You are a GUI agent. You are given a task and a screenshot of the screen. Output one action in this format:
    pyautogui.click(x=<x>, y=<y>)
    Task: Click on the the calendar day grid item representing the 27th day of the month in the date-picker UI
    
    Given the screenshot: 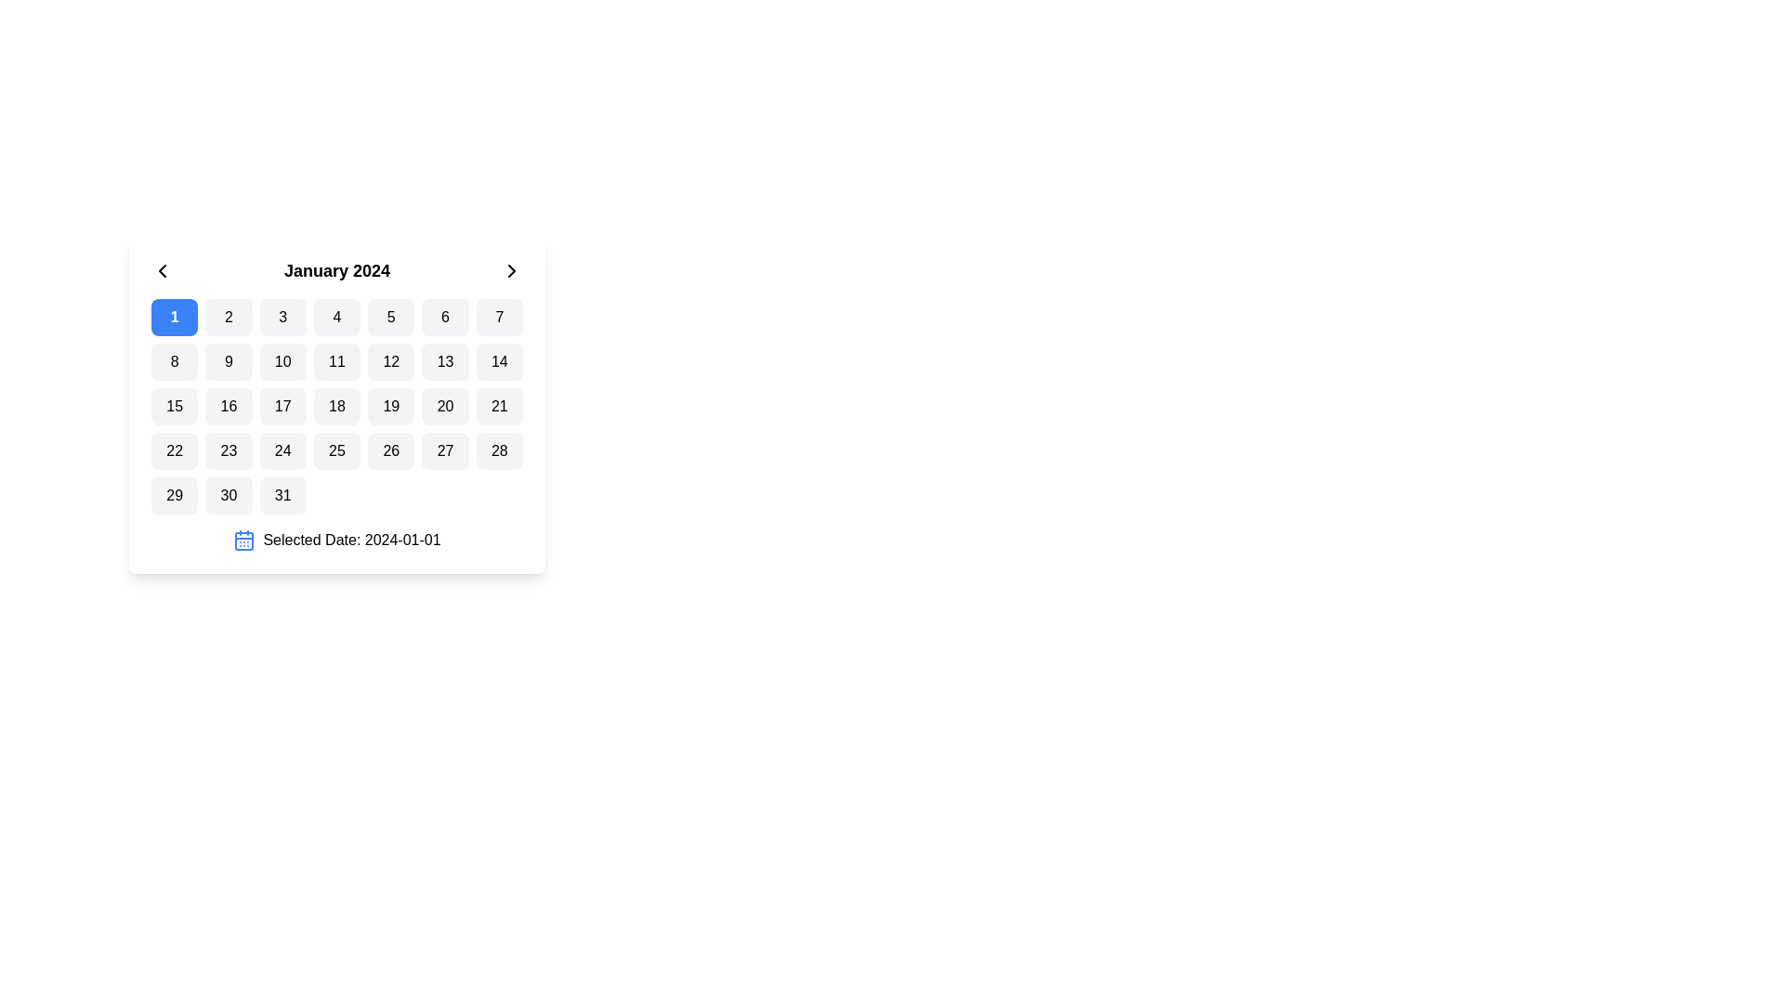 What is the action you would take?
    pyautogui.click(x=444, y=451)
    